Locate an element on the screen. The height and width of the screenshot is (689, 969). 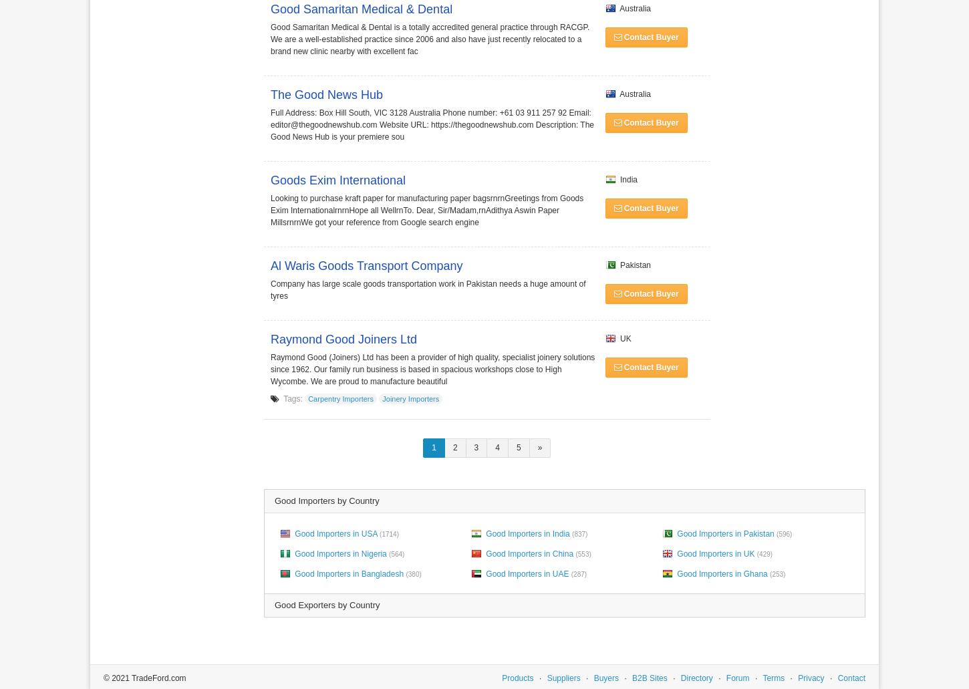
'(553)' is located at coordinates (575, 553).